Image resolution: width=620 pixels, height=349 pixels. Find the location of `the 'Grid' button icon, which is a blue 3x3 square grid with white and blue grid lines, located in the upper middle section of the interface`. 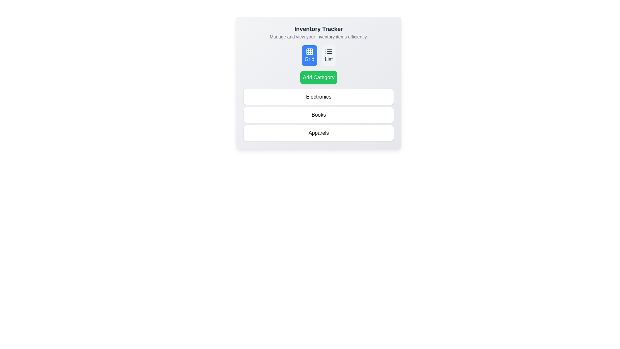

the 'Grid' button icon, which is a blue 3x3 square grid with white and blue grid lines, located in the upper middle section of the interface is located at coordinates (309, 51).